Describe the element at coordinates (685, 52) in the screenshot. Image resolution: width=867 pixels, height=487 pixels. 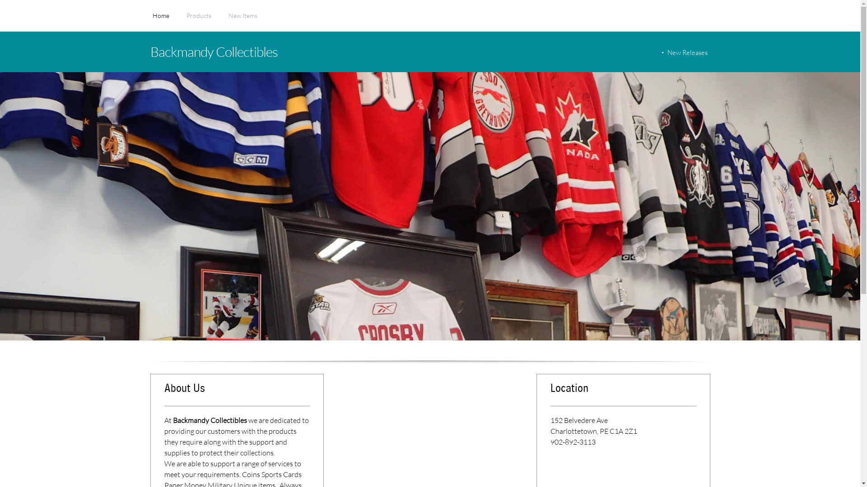
I see `'New Releases'` at that location.